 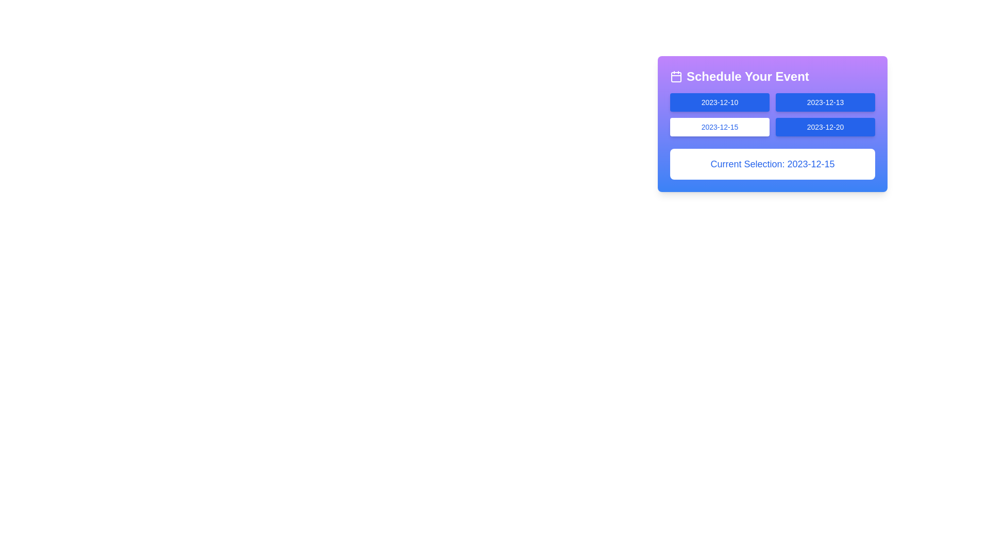 What do you see at coordinates (719, 126) in the screenshot?
I see `the button displaying the date '2023-12-15'` at bounding box center [719, 126].